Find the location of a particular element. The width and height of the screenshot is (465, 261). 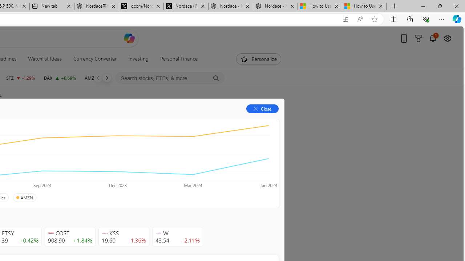

'Personal Finance' is located at coordinates (176, 59).